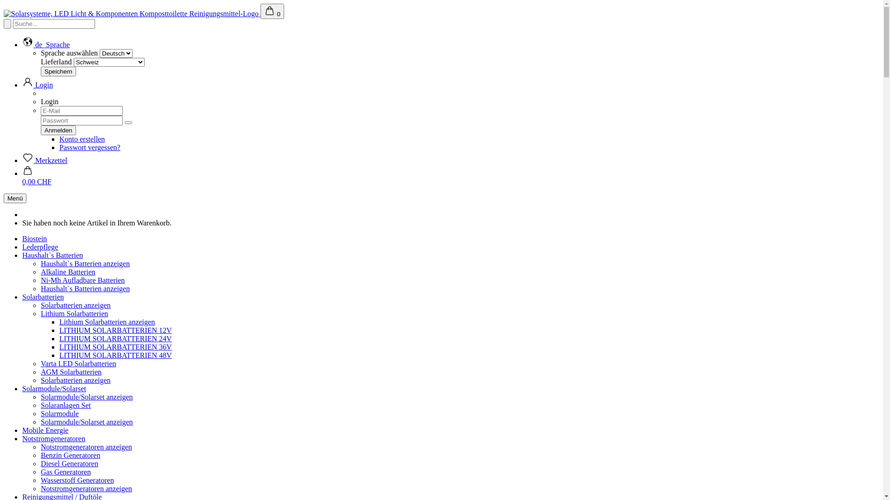 The width and height of the screenshot is (890, 500). I want to click on 'Benzin Generatoren', so click(70, 455).